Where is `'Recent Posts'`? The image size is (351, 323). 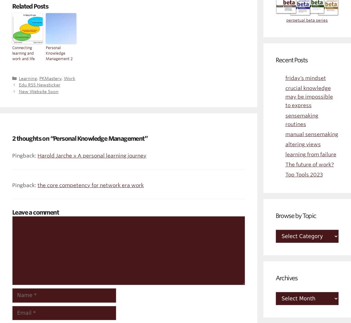 'Recent Posts' is located at coordinates (291, 60).